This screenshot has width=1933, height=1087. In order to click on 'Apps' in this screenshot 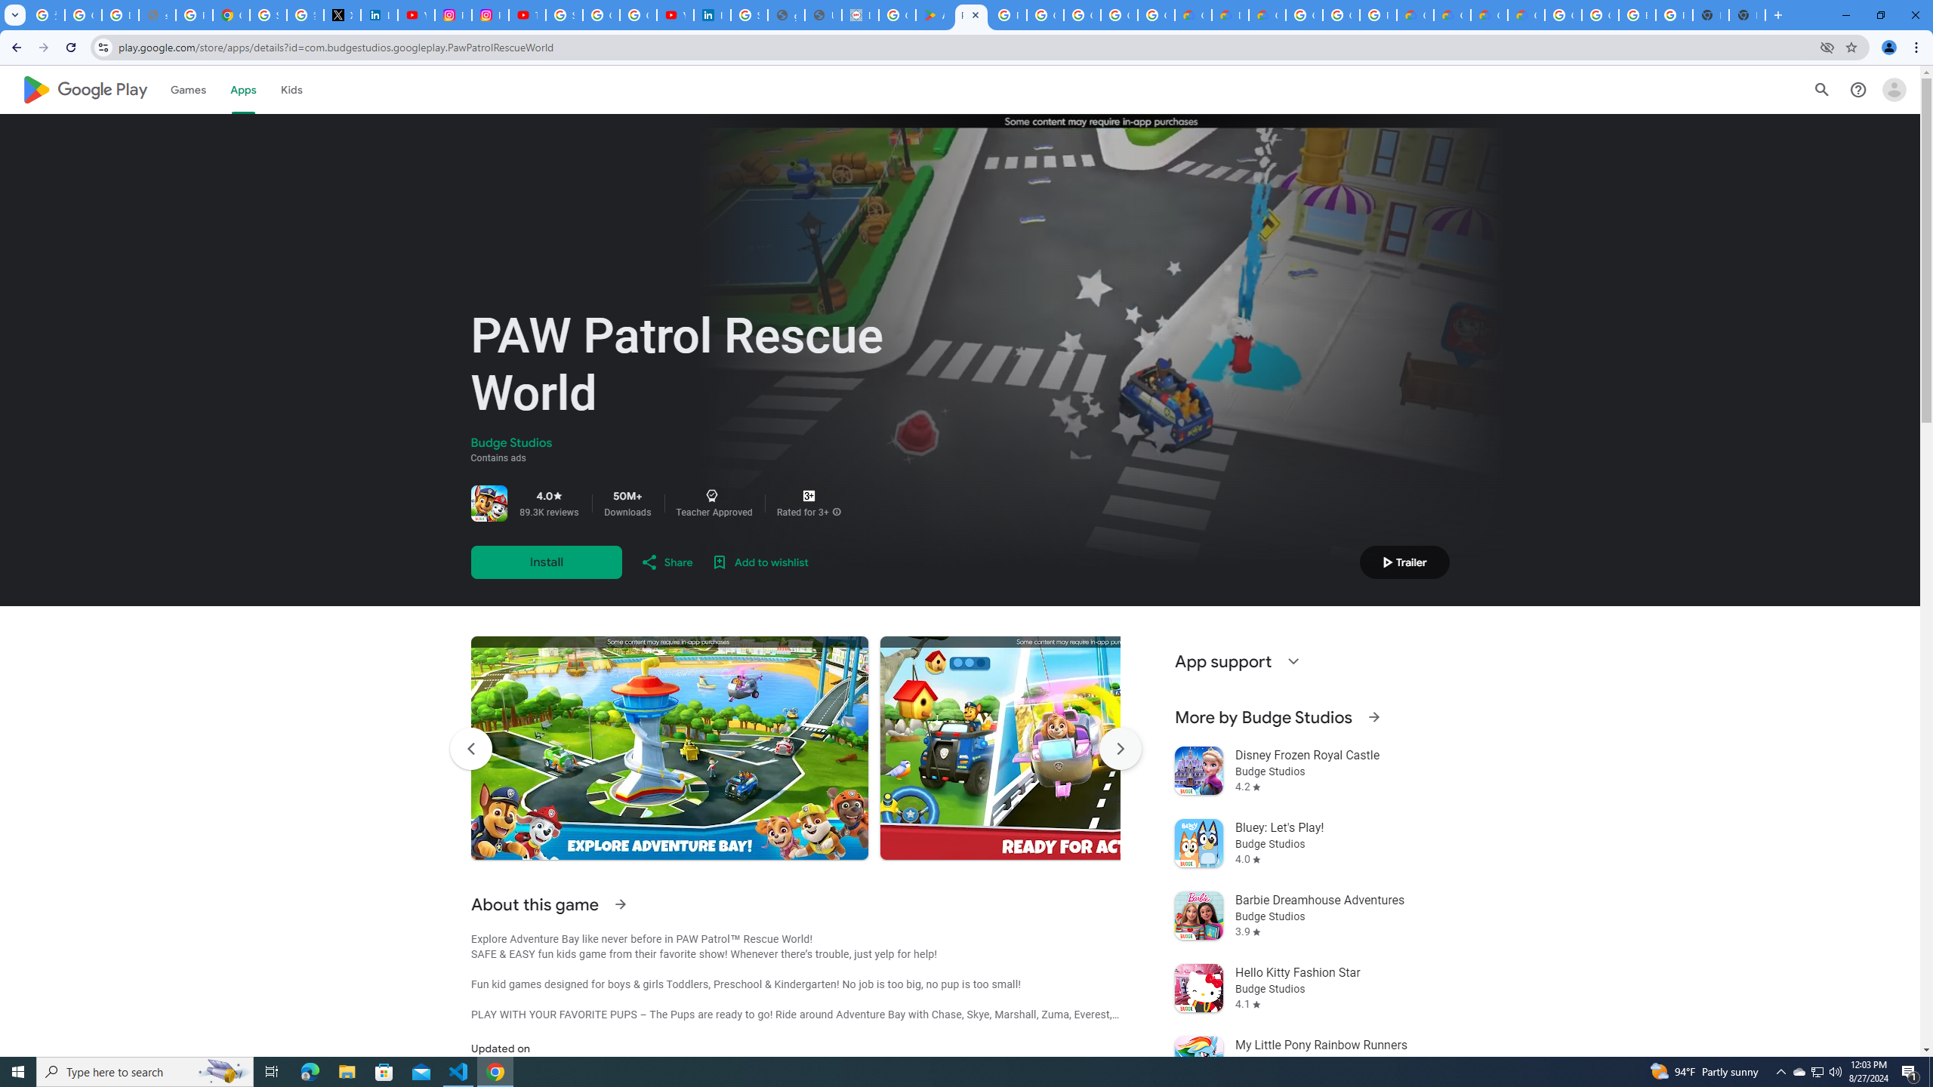, I will do `click(242, 89)`.